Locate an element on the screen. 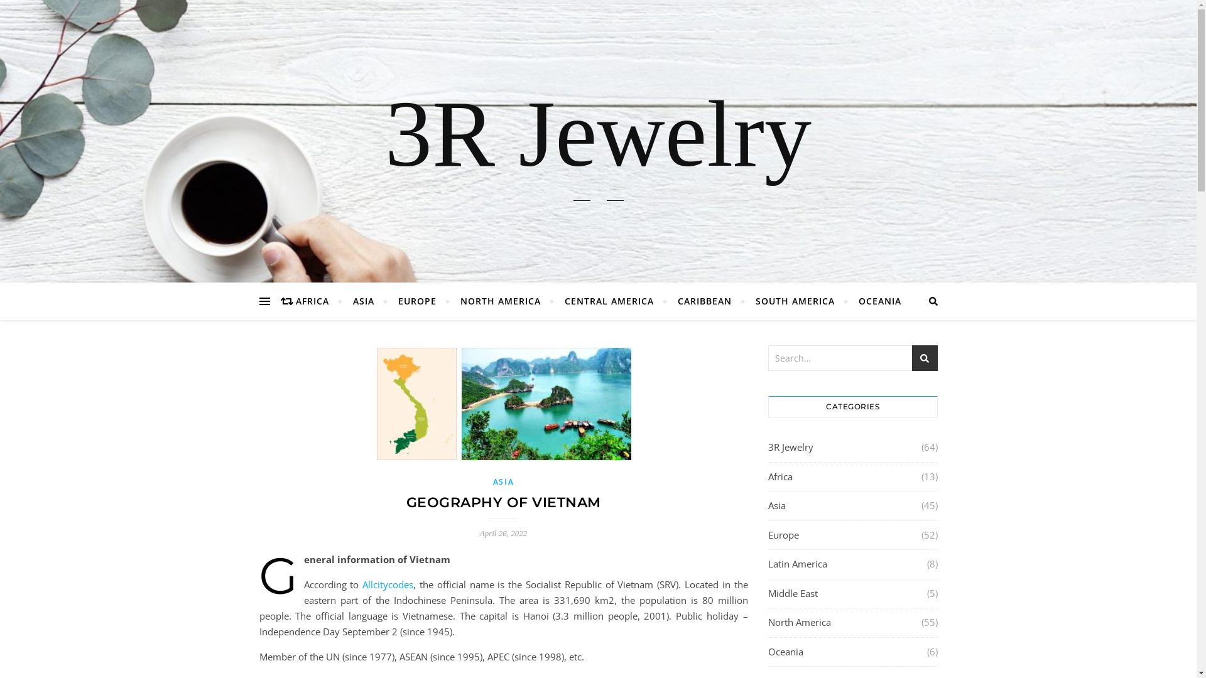 This screenshot has width=1206, height=678. 'EUROPE' is located at coordinates (416, 301).